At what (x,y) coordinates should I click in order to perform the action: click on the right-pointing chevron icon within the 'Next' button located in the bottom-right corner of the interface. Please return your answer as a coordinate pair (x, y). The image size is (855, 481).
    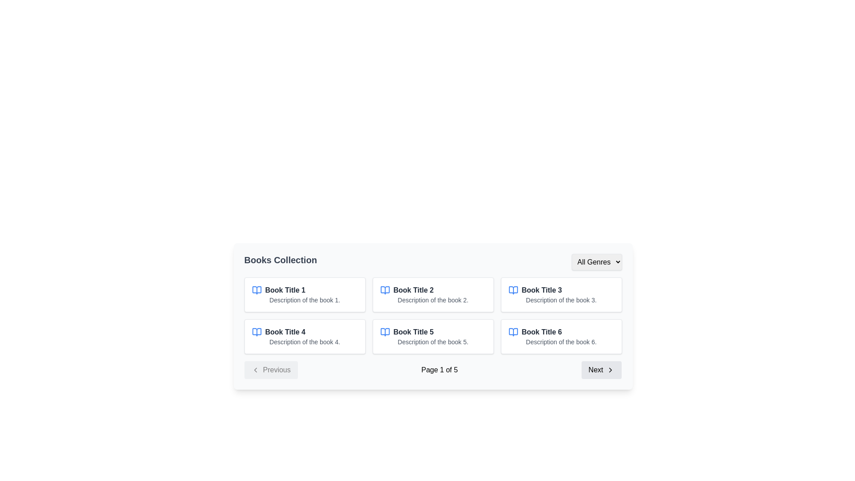
    Looking at the image, I should click on (610, 370).